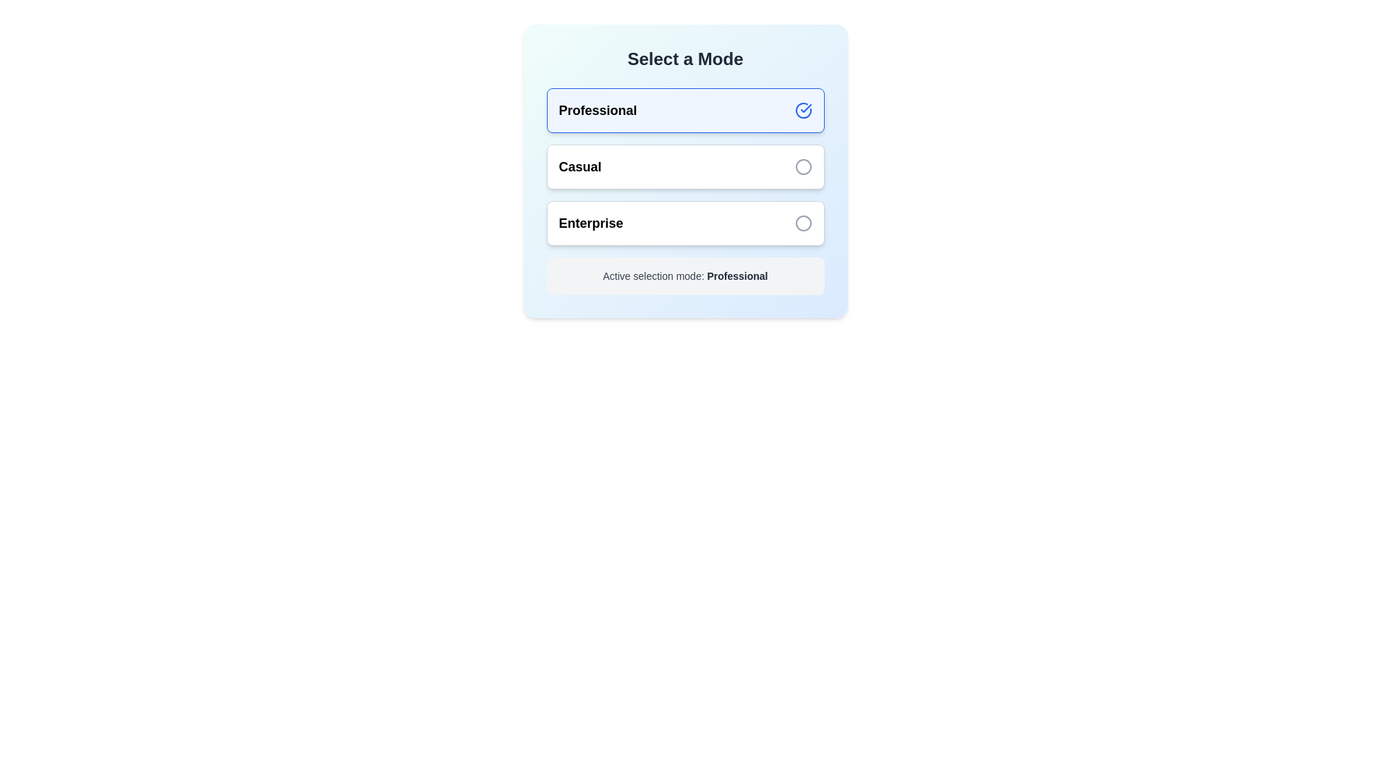 This screenshot has height=781, width=1389. Describe the element at coordinates (802, 166) in the screenshot. I see `the unselected radio button located to the immediate right of the 'Casual' text in the 'Select a Mode' list` at that location.